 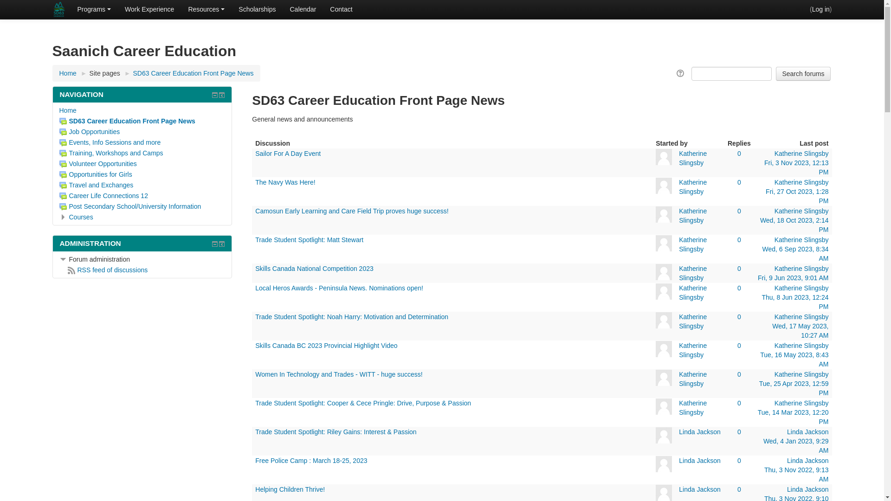 What do you see at coordinates (221, 243) in the screenshot?
I see `'Dock Administration block'` at bounding box center [221, 243].